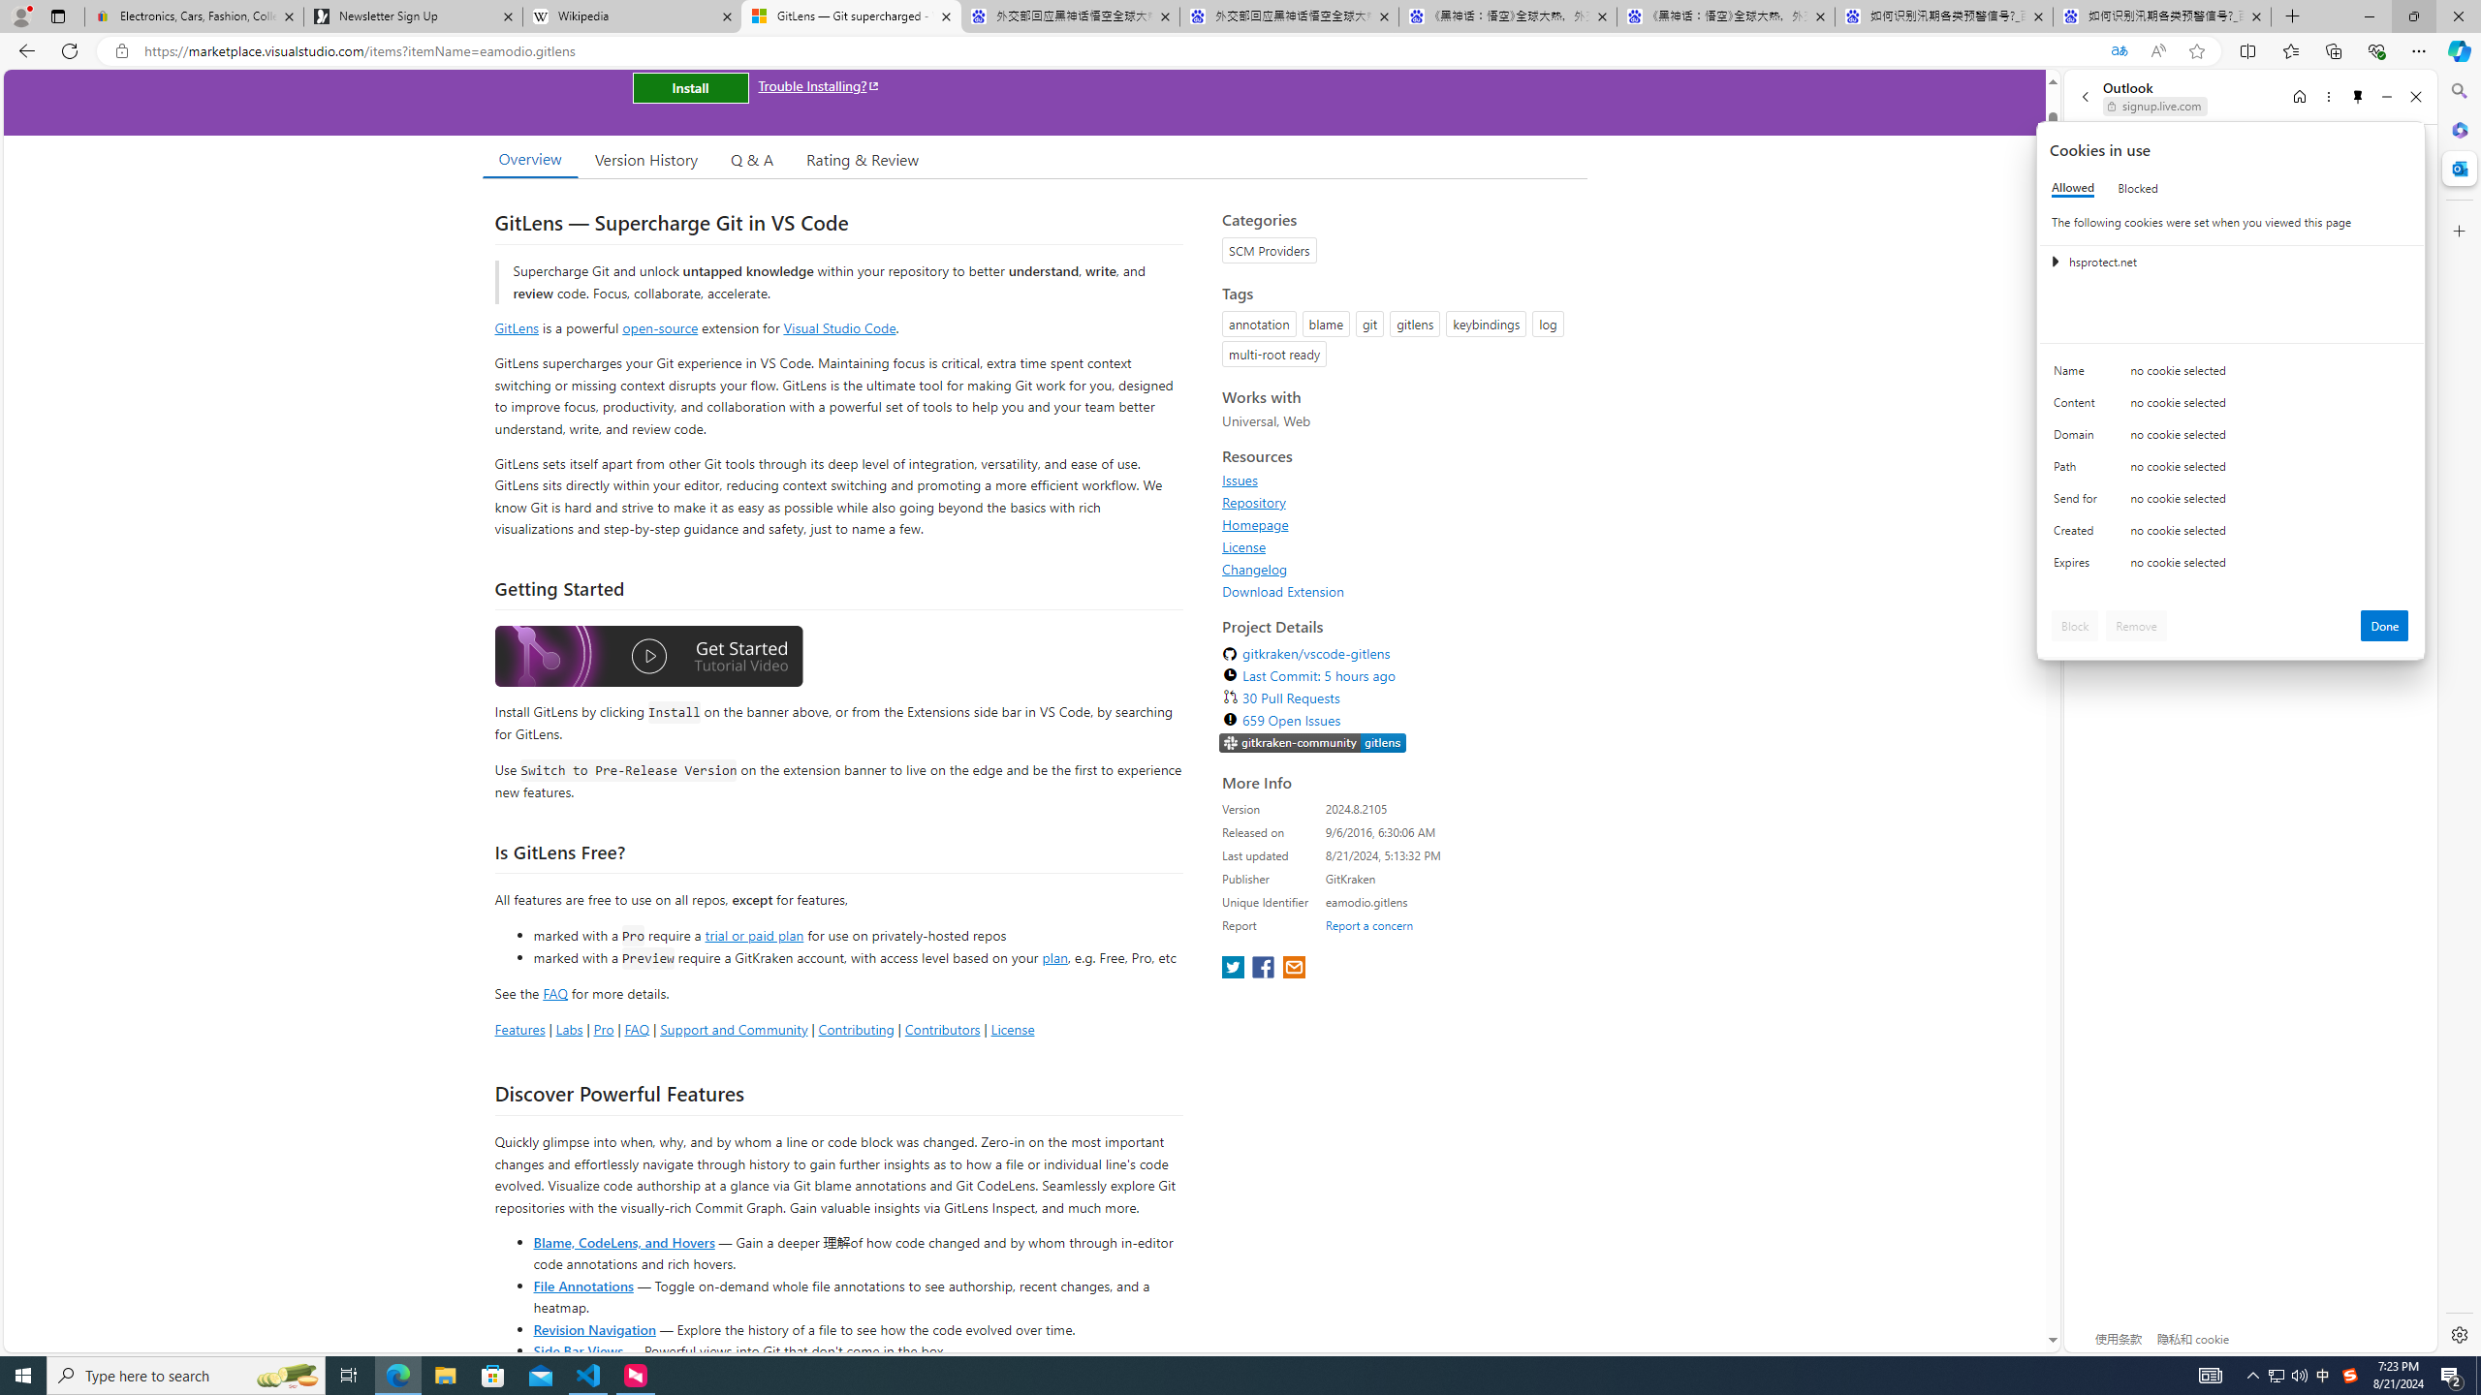  Describe the element at coordinates (2231, 567) in the screenshot. I see `'Class: c0153 c0157'` at that location.